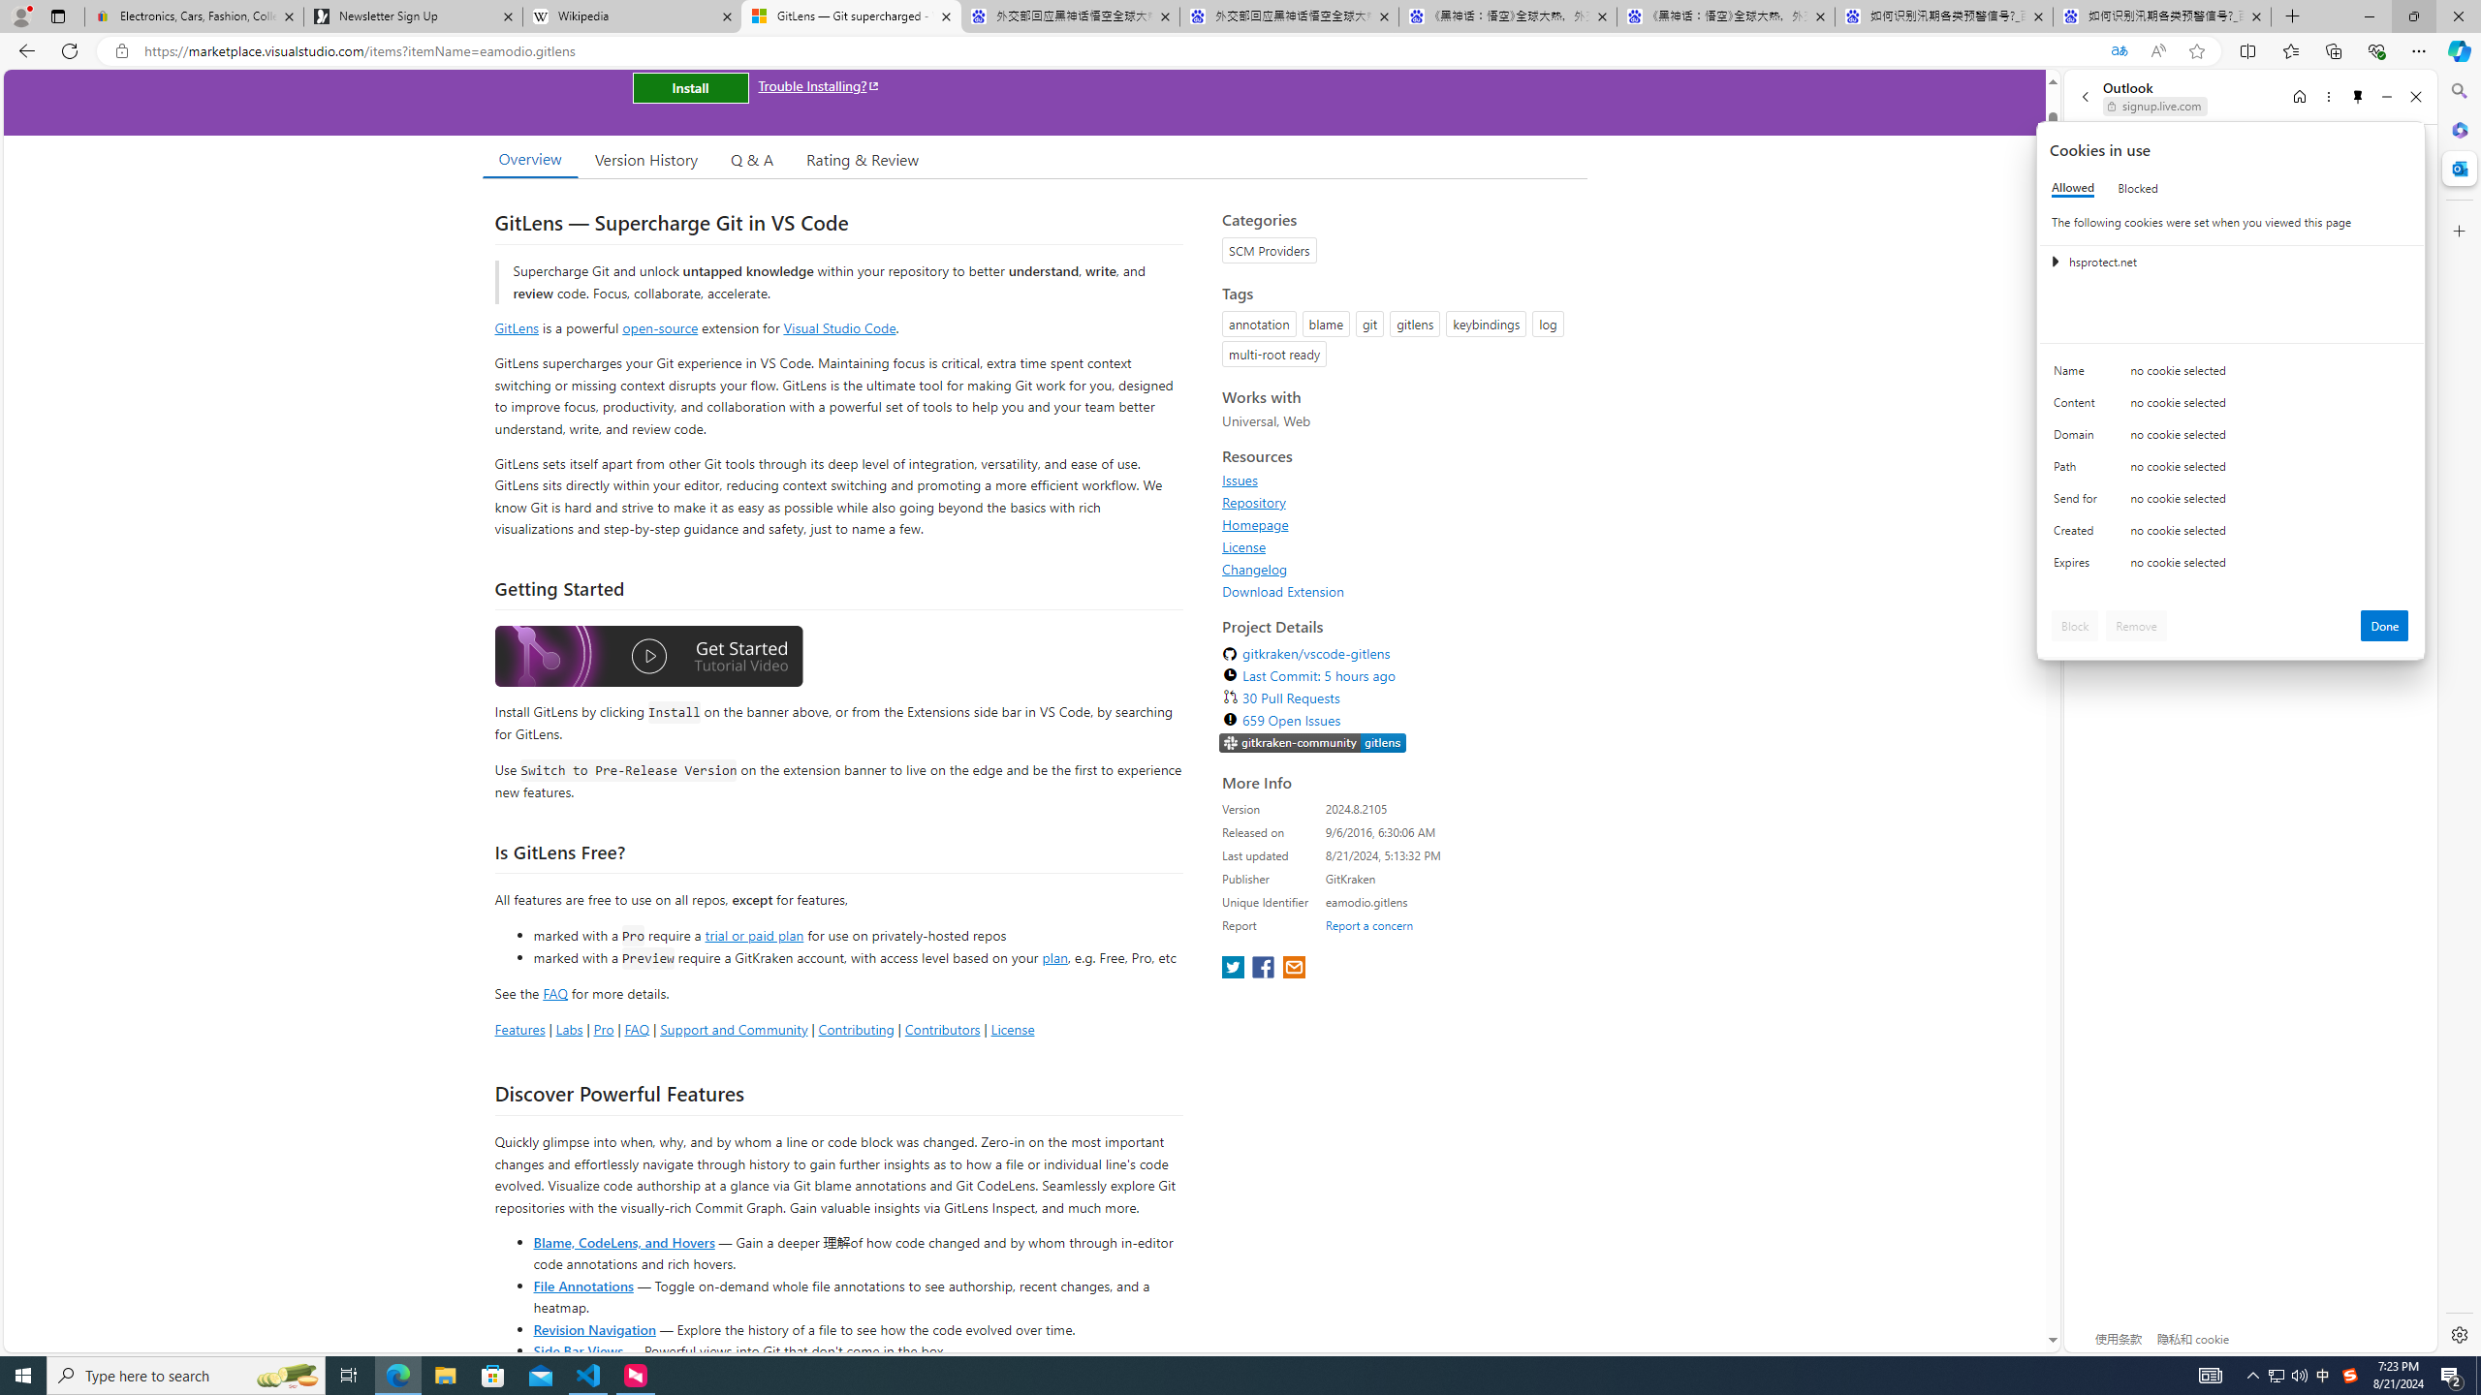  Describe the element at coordinates (2231, 567) in the screenshot. I see `'Class: c0153 c0157'` at that location.